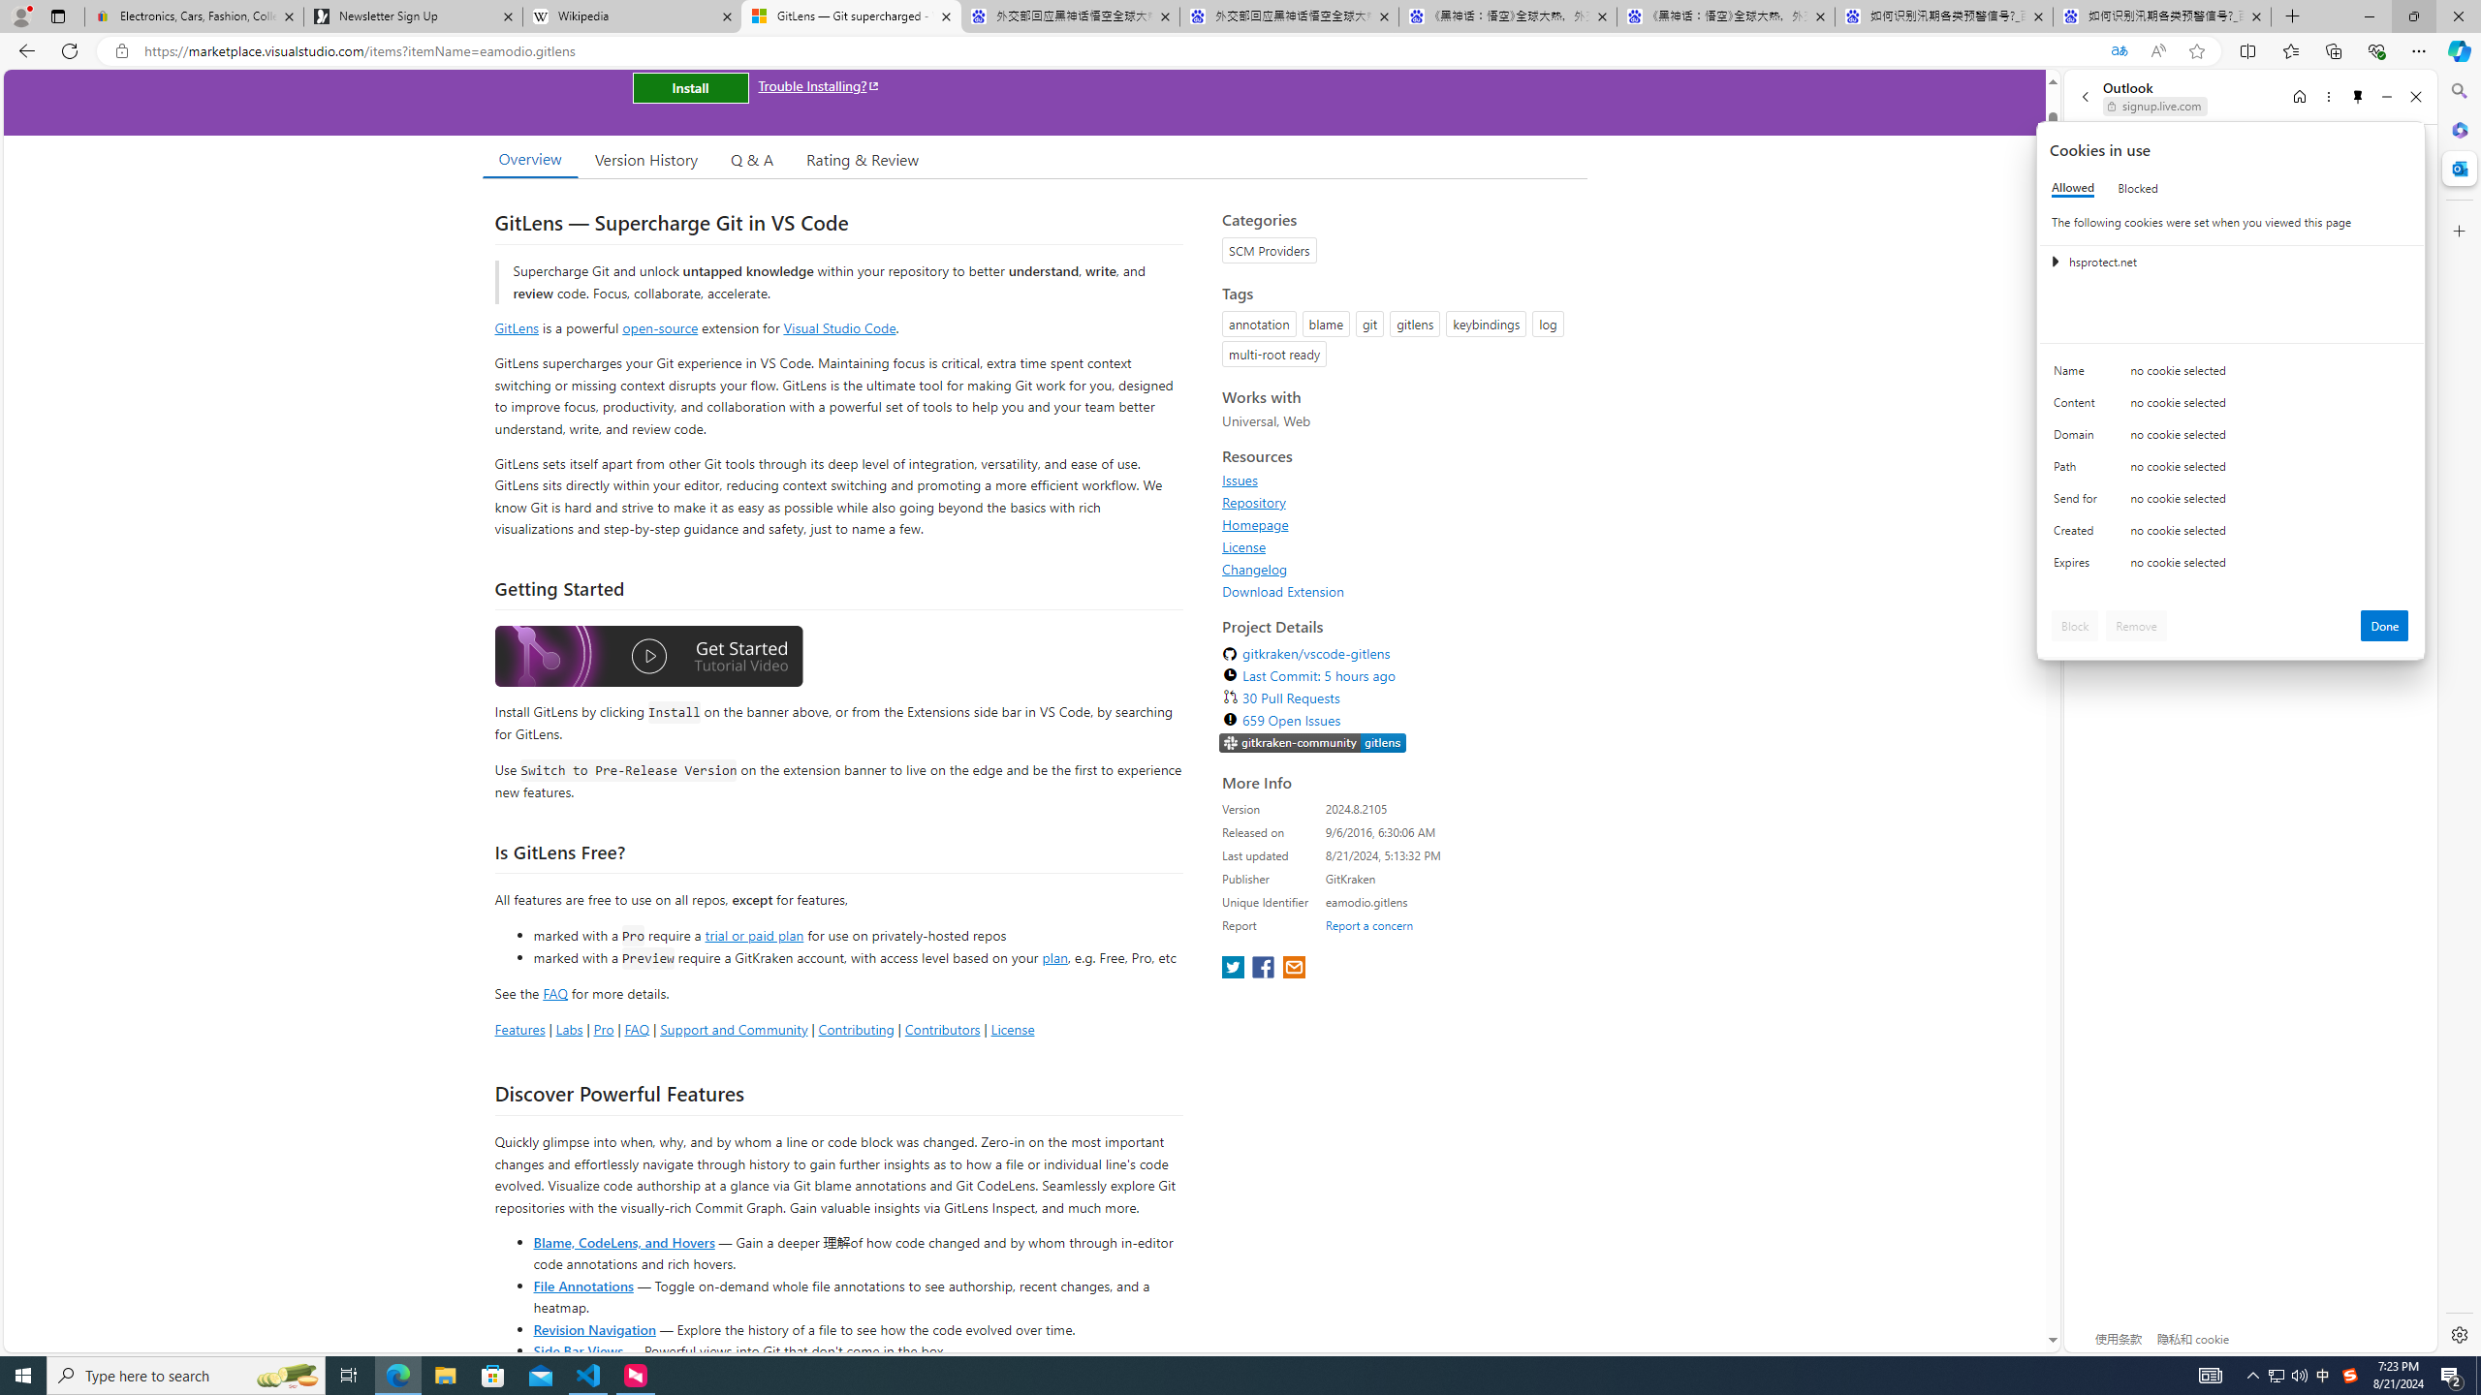  Describe the element at coordinates (2231, 567) in the screenshot. I see `'Class: c0153 c0157'` at that location.